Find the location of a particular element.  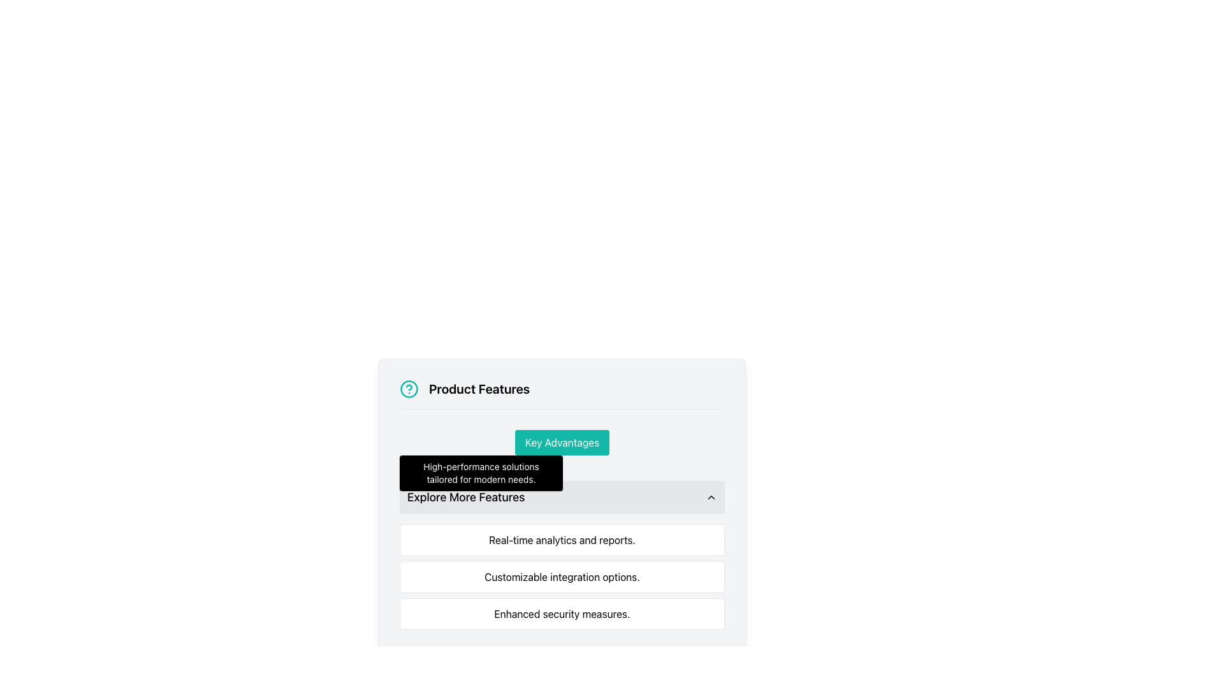

the informational text block titled 'Enhanced security measures' located at the third position in the vertical list below the 'Explore More Features' section is located at coordinates (562, 613).